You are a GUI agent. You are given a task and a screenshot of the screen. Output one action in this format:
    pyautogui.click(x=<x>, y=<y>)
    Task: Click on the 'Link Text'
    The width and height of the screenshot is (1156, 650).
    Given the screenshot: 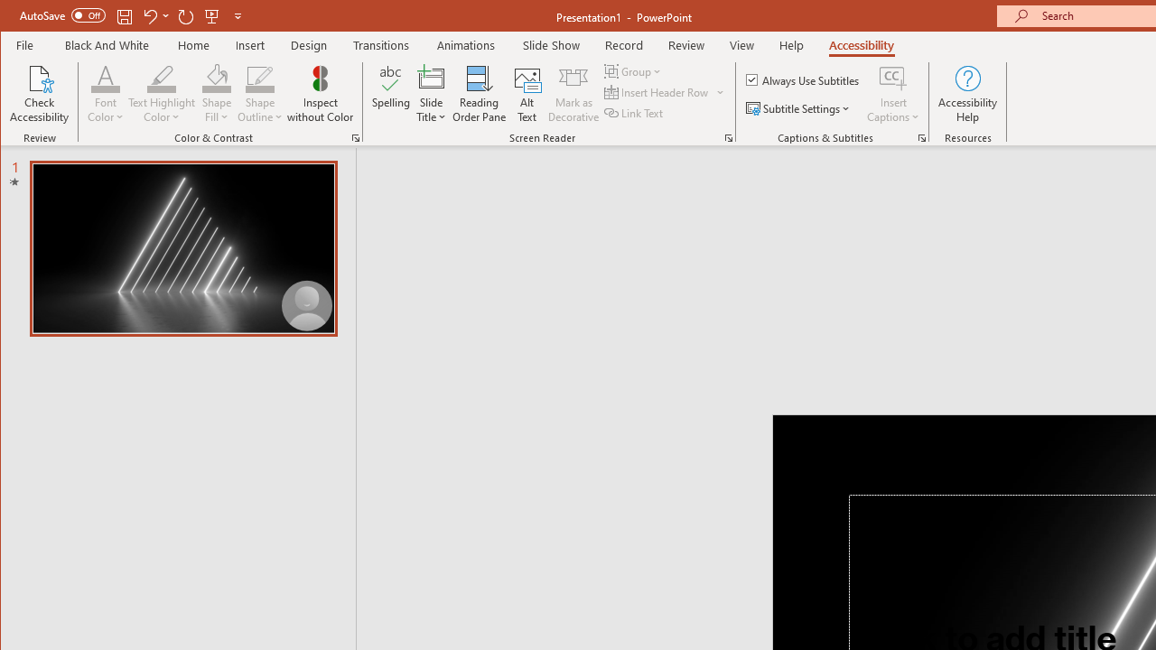 What is the action you would take?
    pyautogui.click(x=635, y=113)
    